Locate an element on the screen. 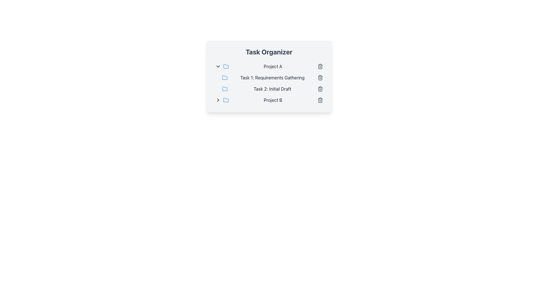 The image size is (539, 303). the blue folder icon with rounded corners next to the text 'Project B' to interact with it, as it is a clickable element is located at coordinates (226, 100).